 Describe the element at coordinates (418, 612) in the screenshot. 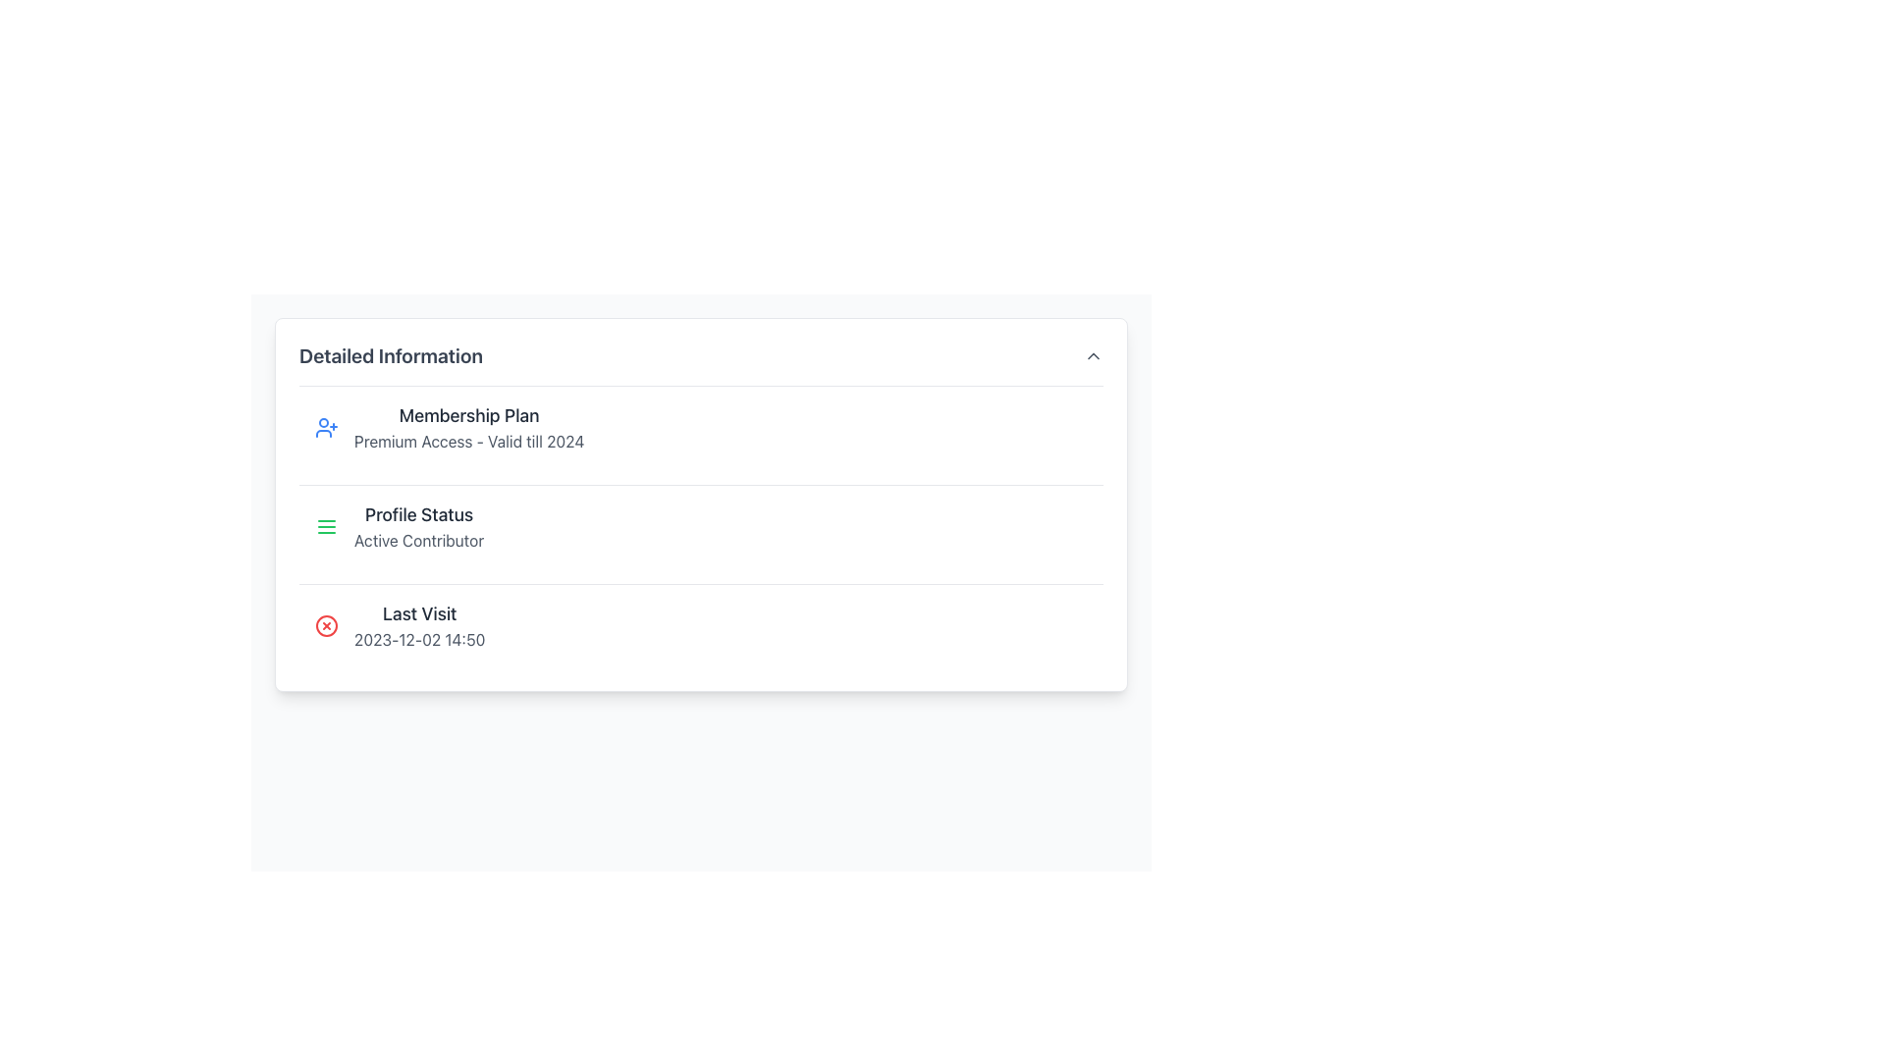

I see `the 'Last Visit' text label, which is a bold, large dark gray font located in the information card, positioned below 'Profile Status' and above the timestamp '2023-12-02 14:50'` at that location.